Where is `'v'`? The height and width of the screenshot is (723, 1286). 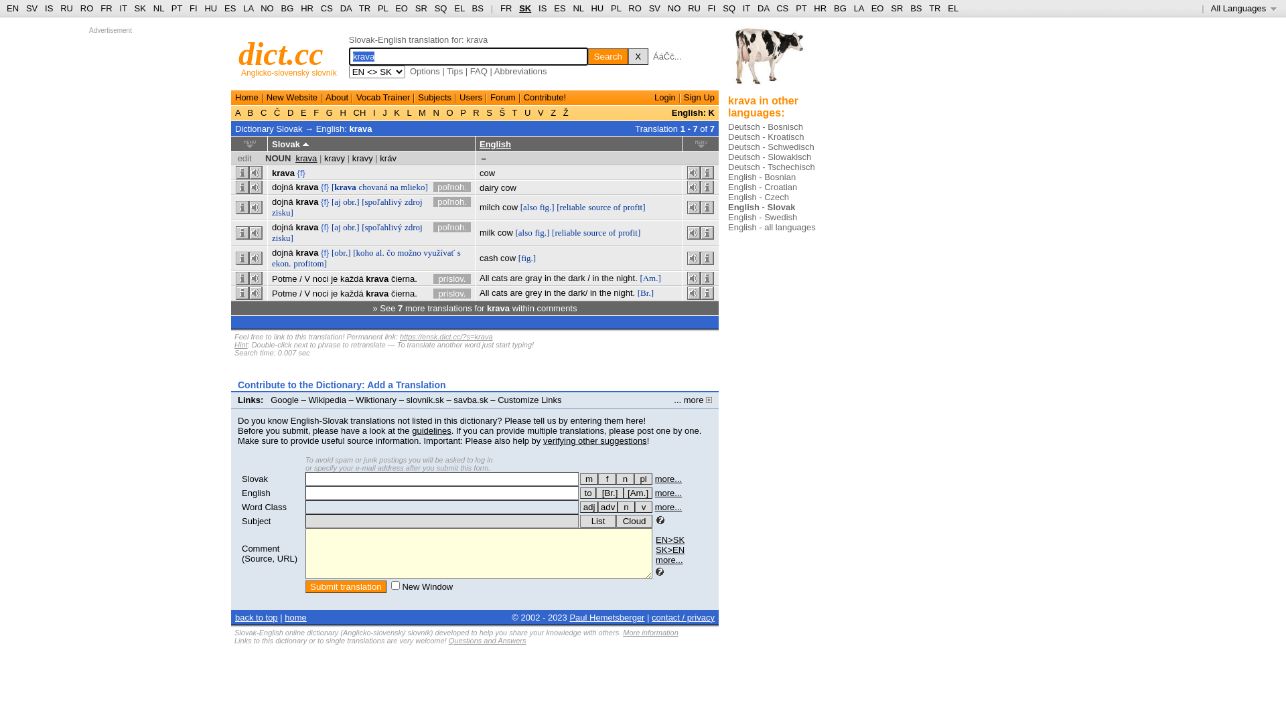 'v' is located at coordinates (634, 507).